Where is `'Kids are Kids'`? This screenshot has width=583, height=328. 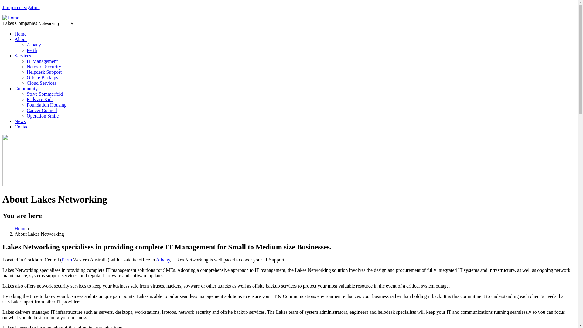 'Kids are Kids' is located at coordinates (39, 99).